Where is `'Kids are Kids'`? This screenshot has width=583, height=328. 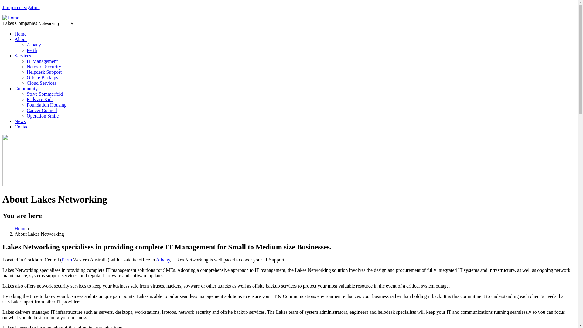 'Kids are Kids' is located at coordinates (39, 99).